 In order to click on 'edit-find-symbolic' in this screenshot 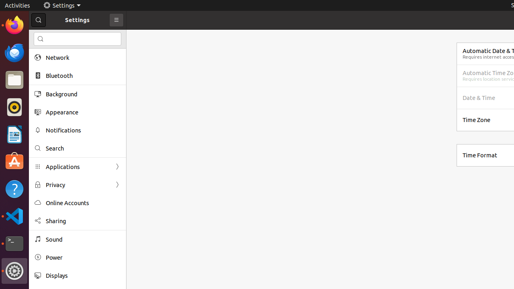, I will do `click(40, 39)`.